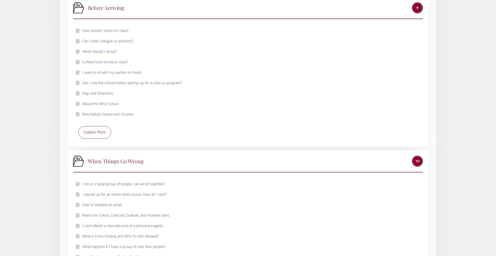  What do you see at coordinates (120, 236) in the screenshot?
I see `'What is Cross-Posting and Why It’s Not Allowed?'` at bounding box center [120, 236].